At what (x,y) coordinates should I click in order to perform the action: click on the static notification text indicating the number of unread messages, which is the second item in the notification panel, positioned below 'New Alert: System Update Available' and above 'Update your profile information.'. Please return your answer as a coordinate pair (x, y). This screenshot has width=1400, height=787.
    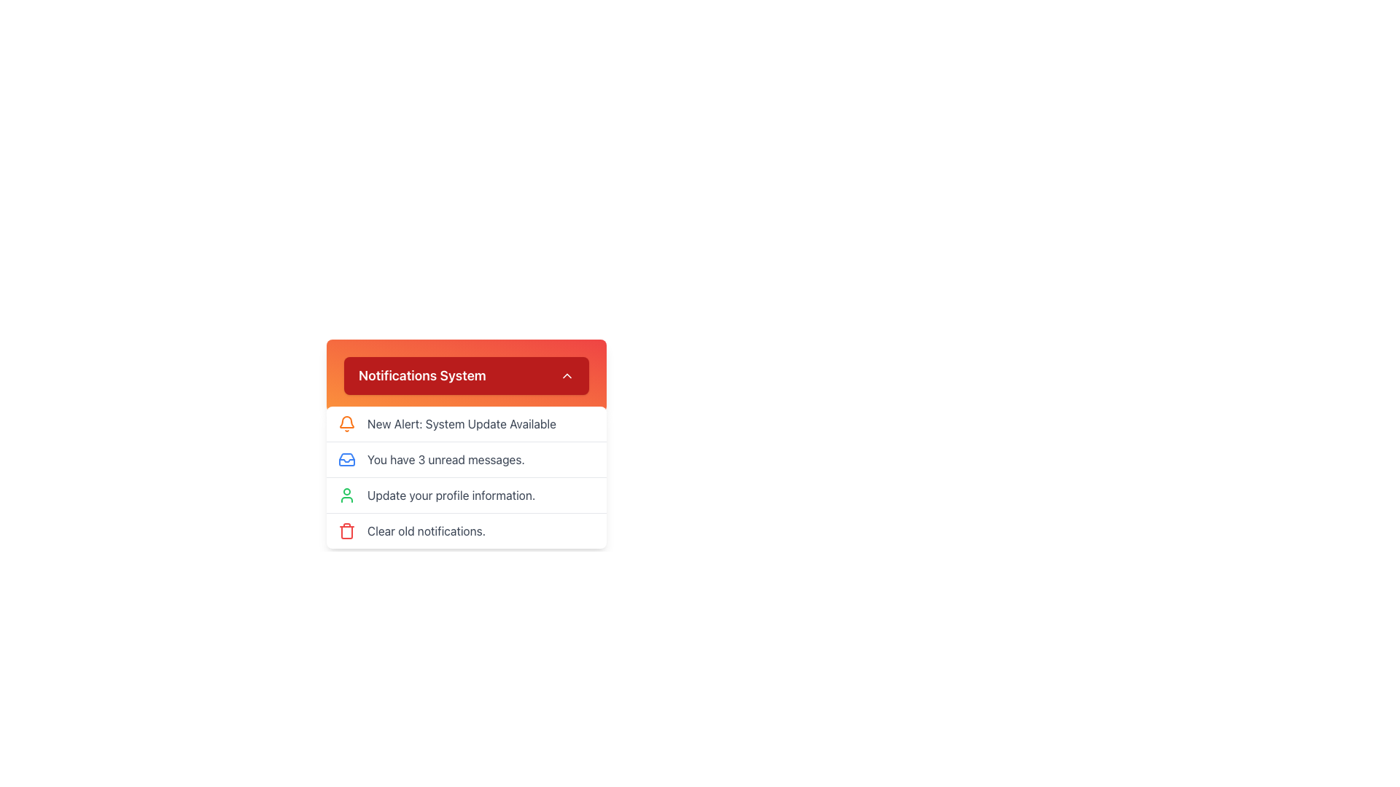
    Looking at the image, I should click on (465, 459).